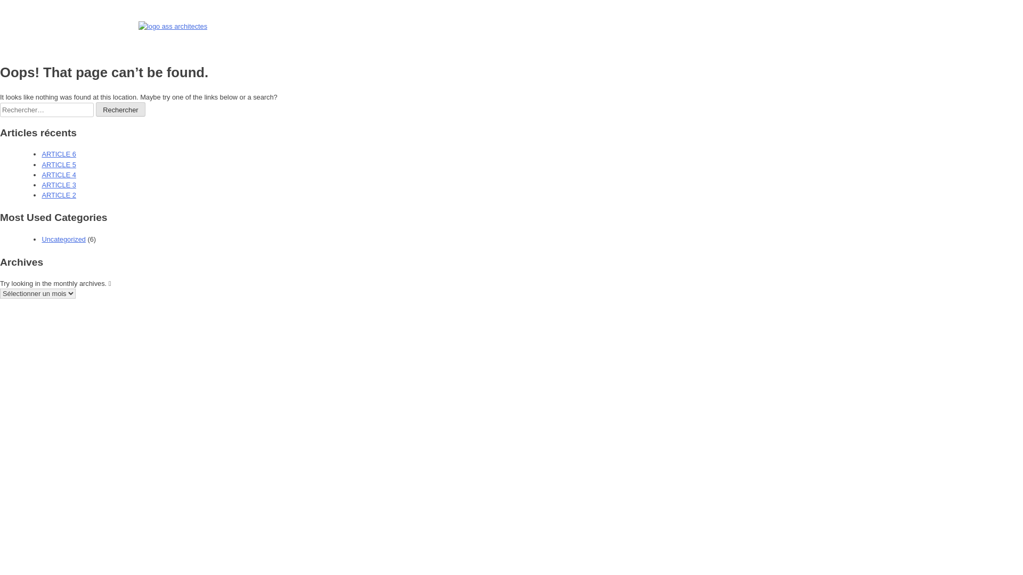 The image size is (1023, 575). Describe the element at coordinates (58, 174) in the screenshot. I see `'ARTICLE 4'` at that location.